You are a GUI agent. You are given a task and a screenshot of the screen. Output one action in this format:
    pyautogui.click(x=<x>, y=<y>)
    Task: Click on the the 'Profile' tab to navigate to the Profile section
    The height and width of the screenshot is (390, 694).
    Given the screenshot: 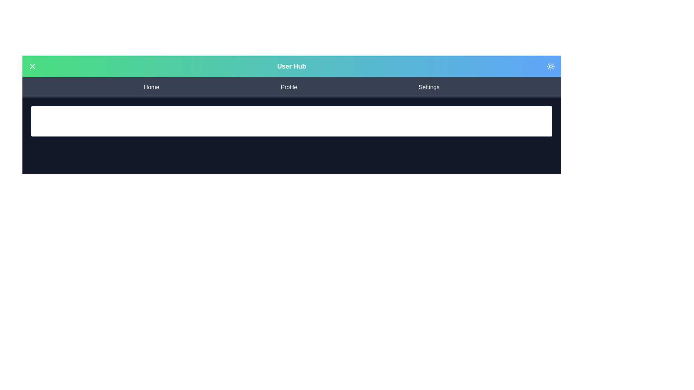 What is the action you would take?
    pyautogui.click(x=288, y=87)
    